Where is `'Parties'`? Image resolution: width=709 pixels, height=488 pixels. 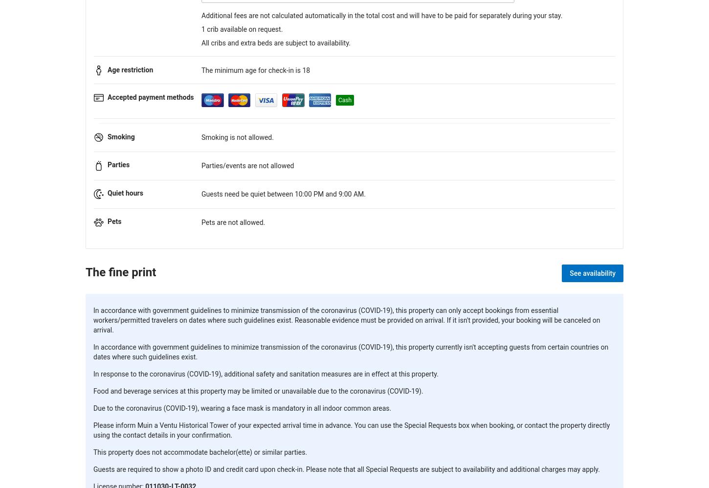
'Parties' is located at coordinates (107, 165).